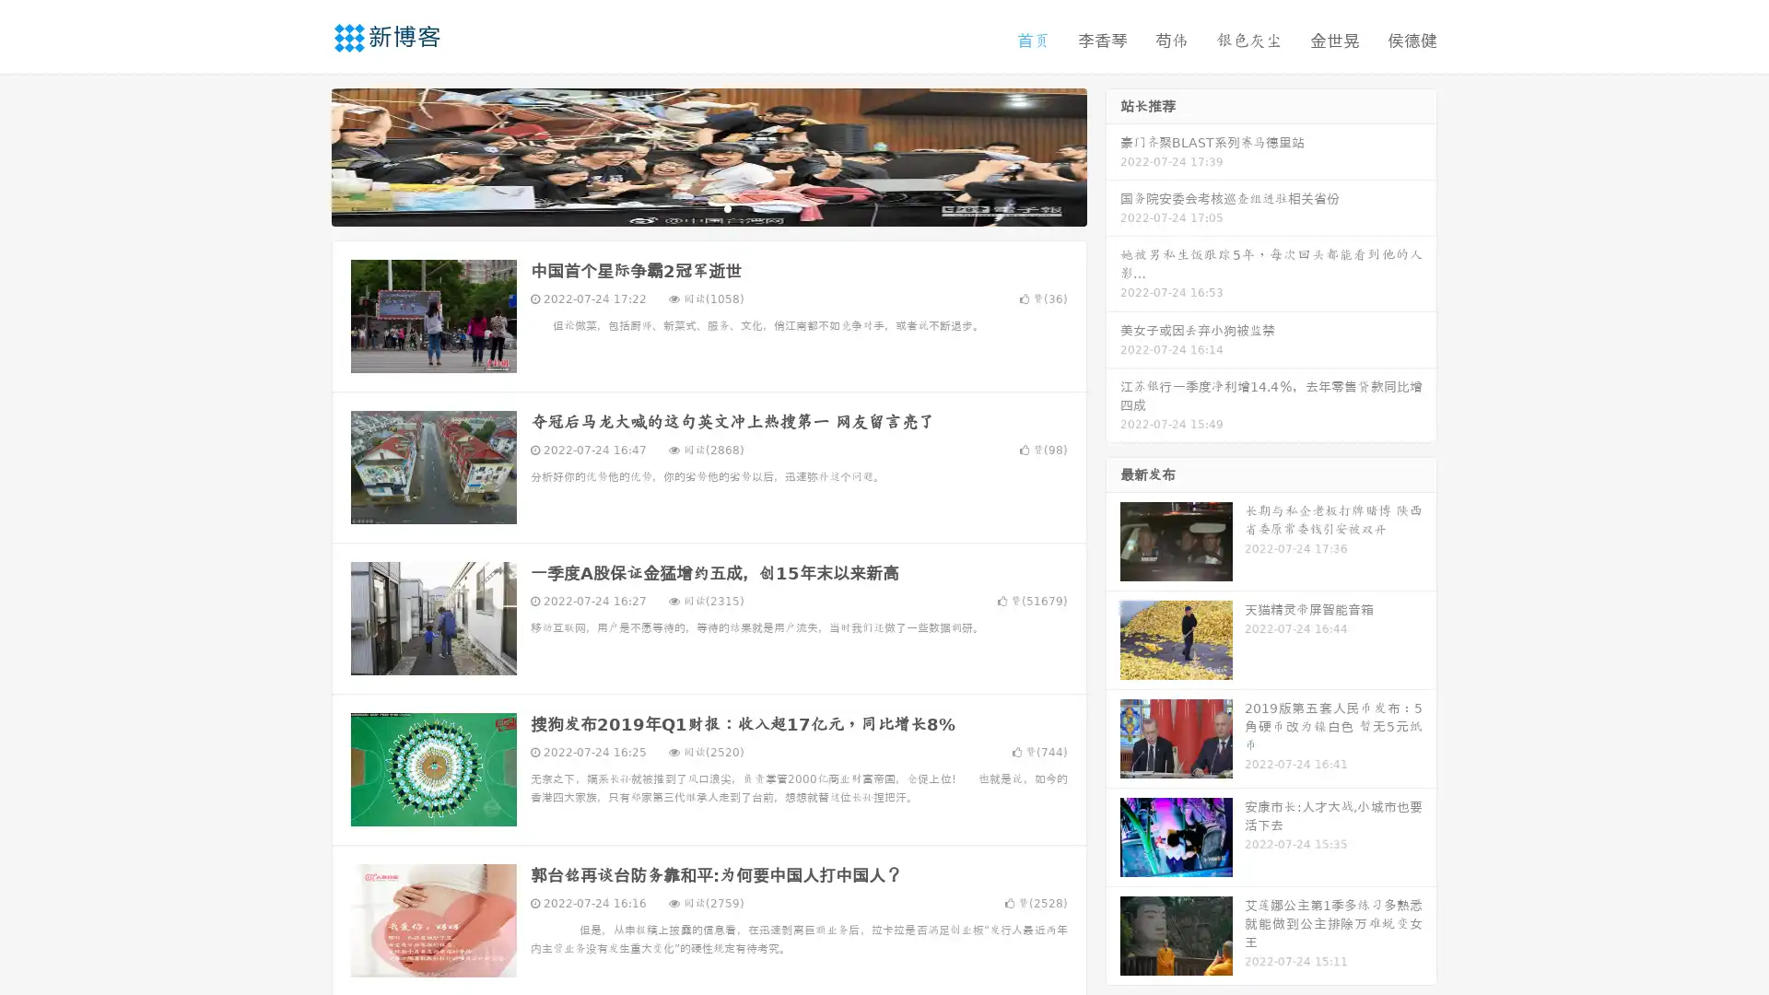  What do you see at coordinates (689, 207) in the screenshot?
I see `Go to slide 1` at bounding box center [689, 207].